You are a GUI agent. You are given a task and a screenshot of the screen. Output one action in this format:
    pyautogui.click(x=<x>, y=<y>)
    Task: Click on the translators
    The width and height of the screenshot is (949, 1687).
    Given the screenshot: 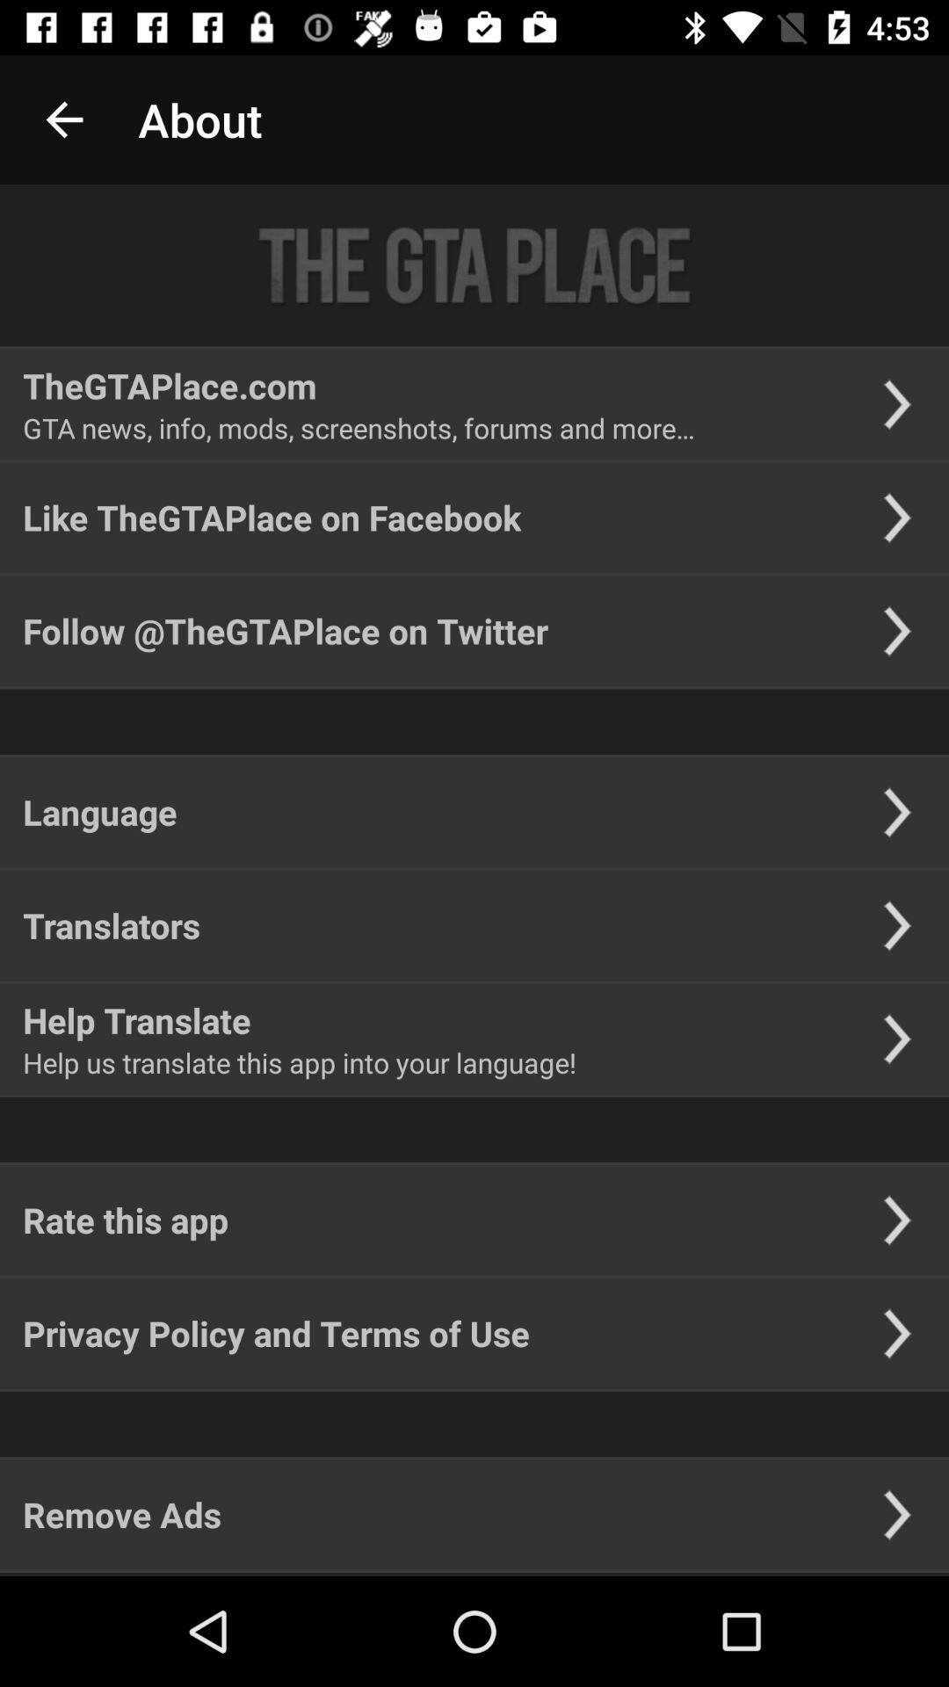 What is the action you would take?
    pyautogui.click(x=112, y=924)
    